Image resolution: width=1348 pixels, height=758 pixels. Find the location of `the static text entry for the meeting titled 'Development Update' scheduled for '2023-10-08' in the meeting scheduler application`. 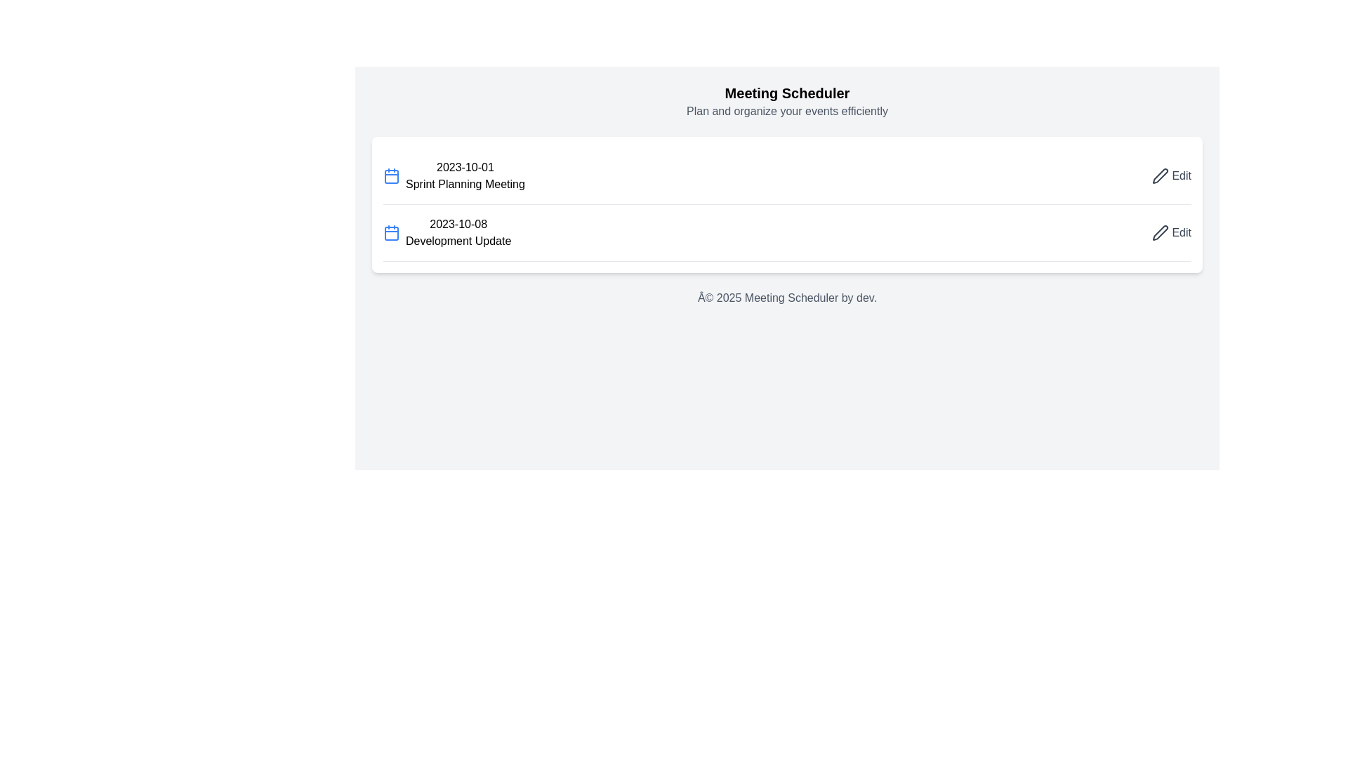

the static text entry for the meeting titled 'Development Update' scheduled for '2023-10-08' in the meeting scheduler application is located at coordinates (458, 232).